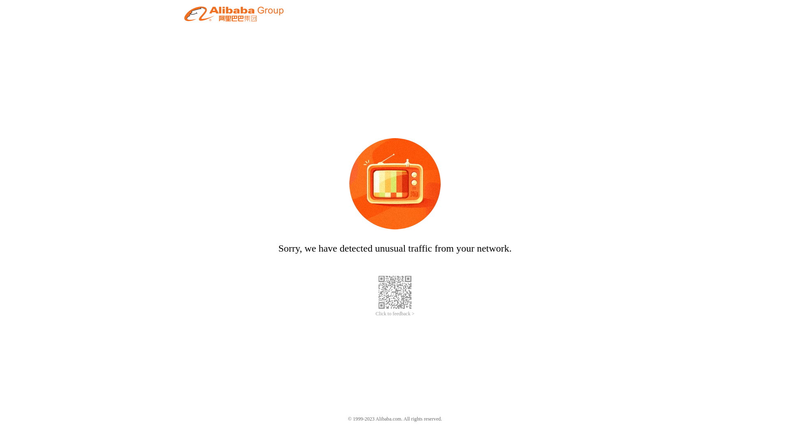 The width and height of the screenshot is (790, 444). I want to click on 'Click to feedback >', so click(395, 314).